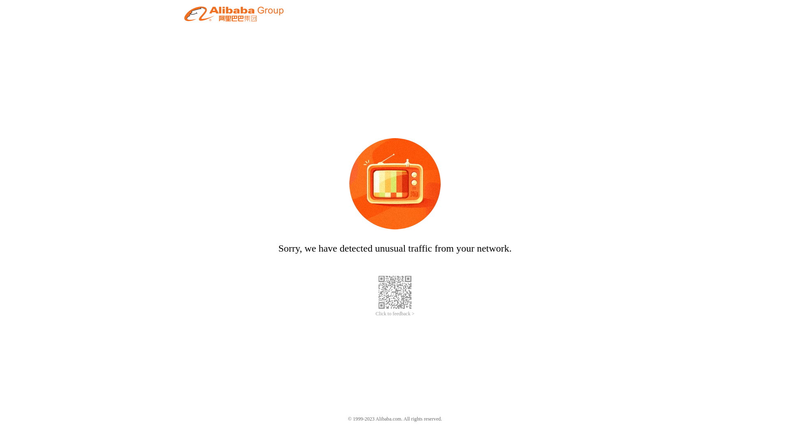 The width and height of the screenshot is (790, 444). I want to click on 'Click to feedback >', so click(395, 314).